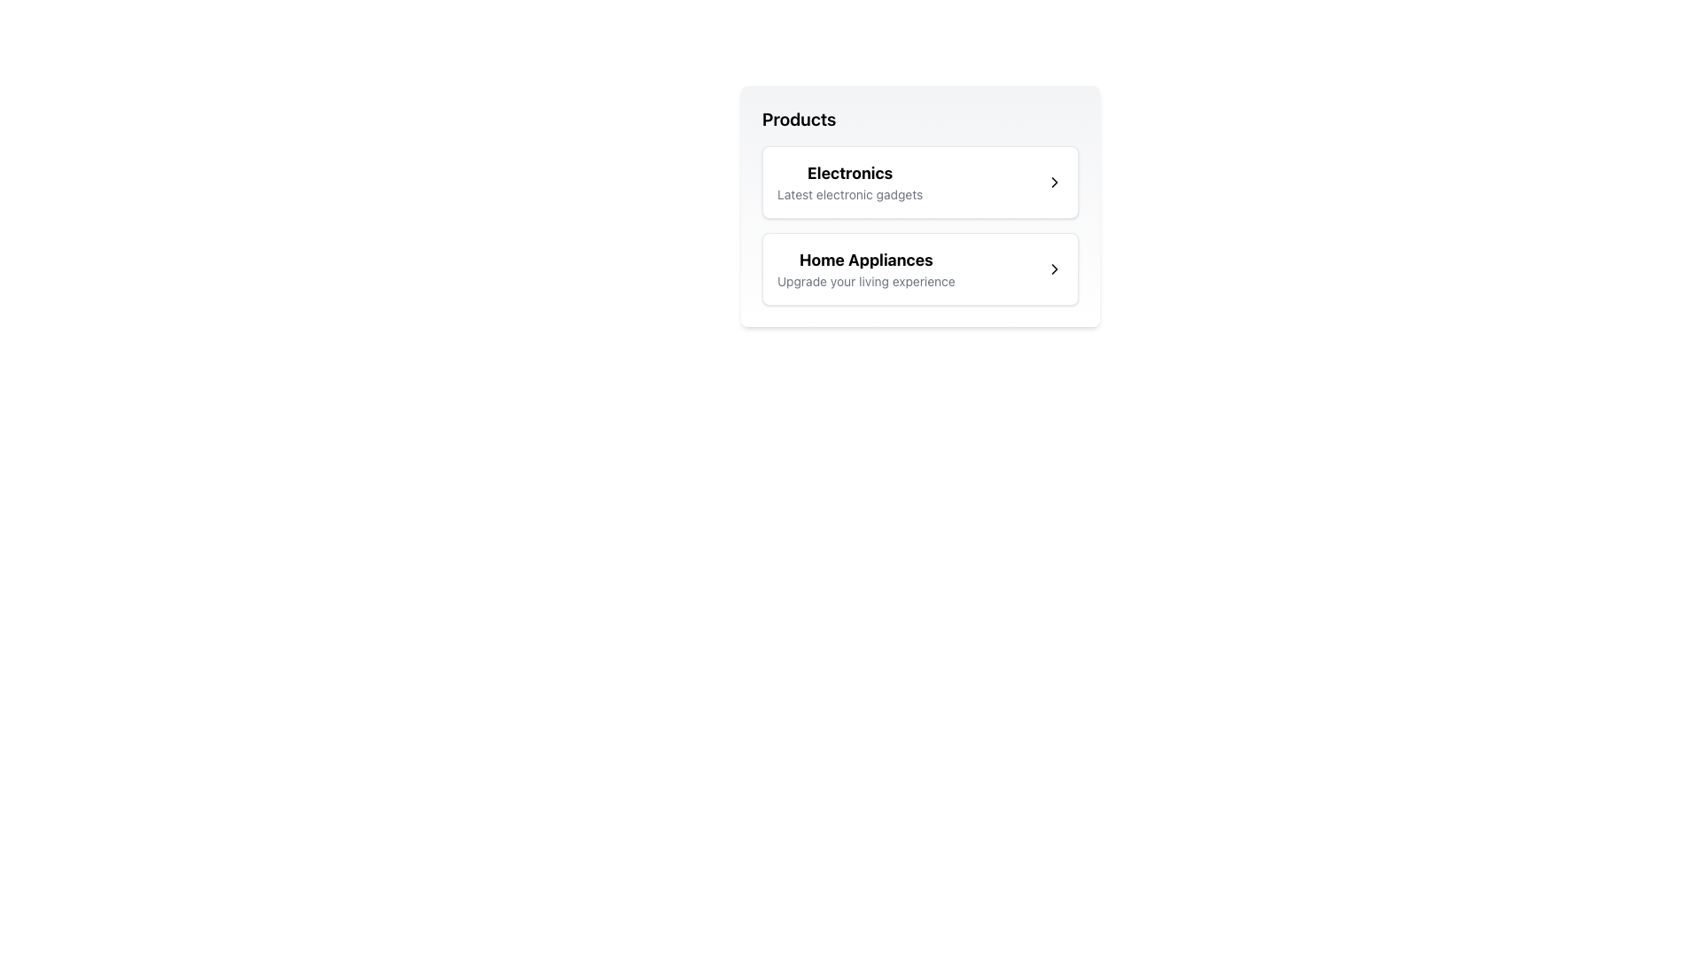 The width and height of the screenshot is (1702, 957). What do you see at coordinates (1055, 269) in the screenshot?
I see `the navigation button located to the right of the 'Home Appliances' entry in the product categories list` at bounding box center [1055, 269].